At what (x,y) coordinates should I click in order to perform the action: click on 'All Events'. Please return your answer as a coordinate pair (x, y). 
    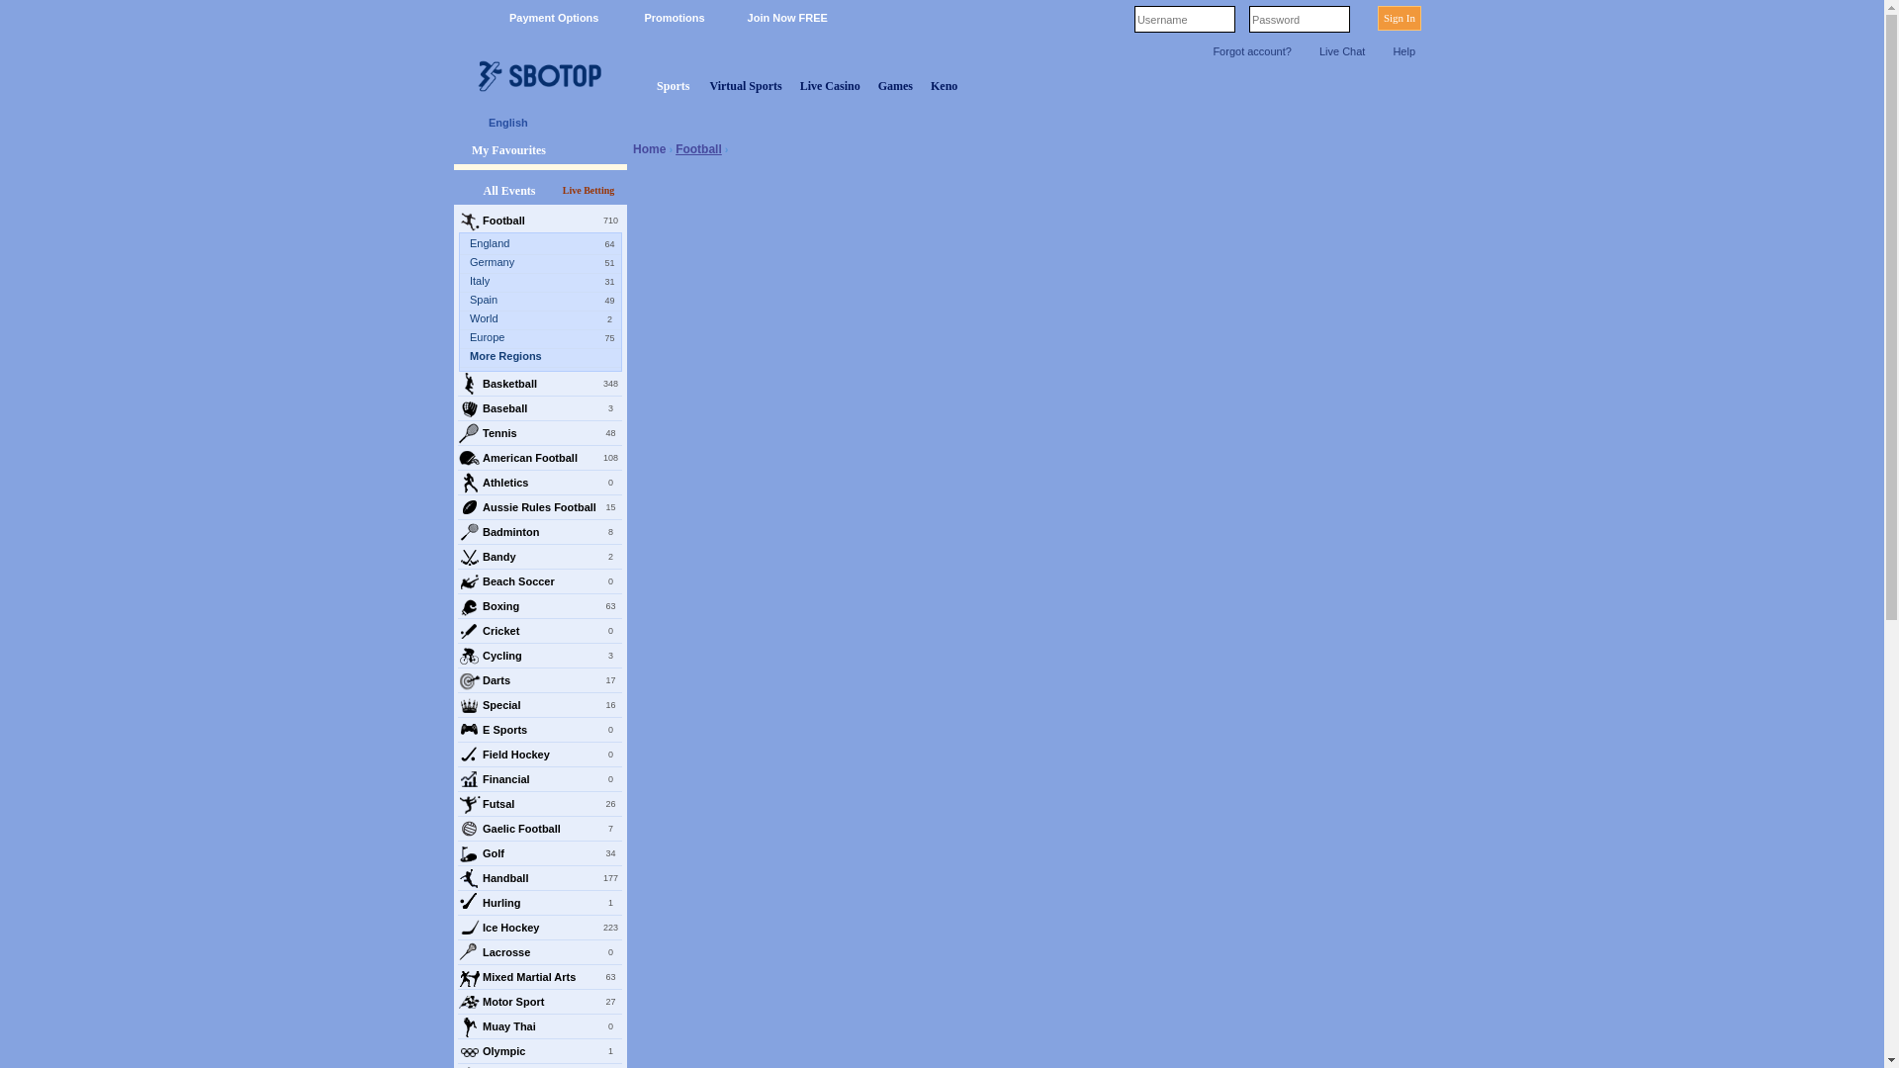
    Looking at the image, I should click on (508, 190).